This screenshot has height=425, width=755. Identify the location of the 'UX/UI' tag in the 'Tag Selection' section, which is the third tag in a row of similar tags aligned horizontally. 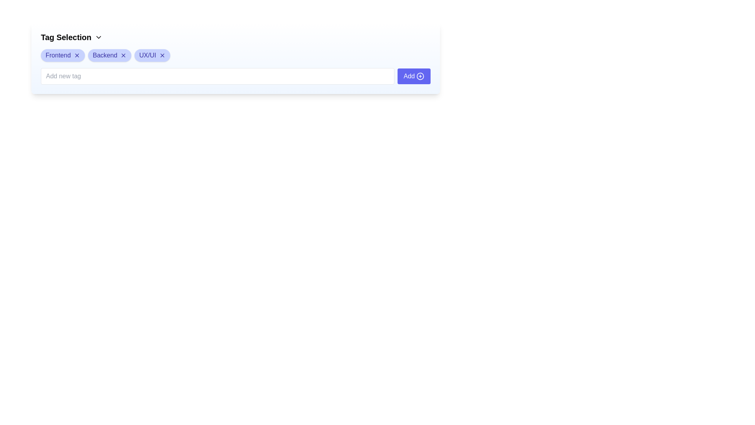
(152, 55).